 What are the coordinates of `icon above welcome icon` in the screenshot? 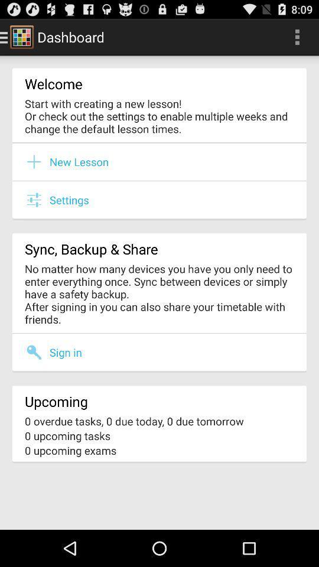 It's located at (297, 37).